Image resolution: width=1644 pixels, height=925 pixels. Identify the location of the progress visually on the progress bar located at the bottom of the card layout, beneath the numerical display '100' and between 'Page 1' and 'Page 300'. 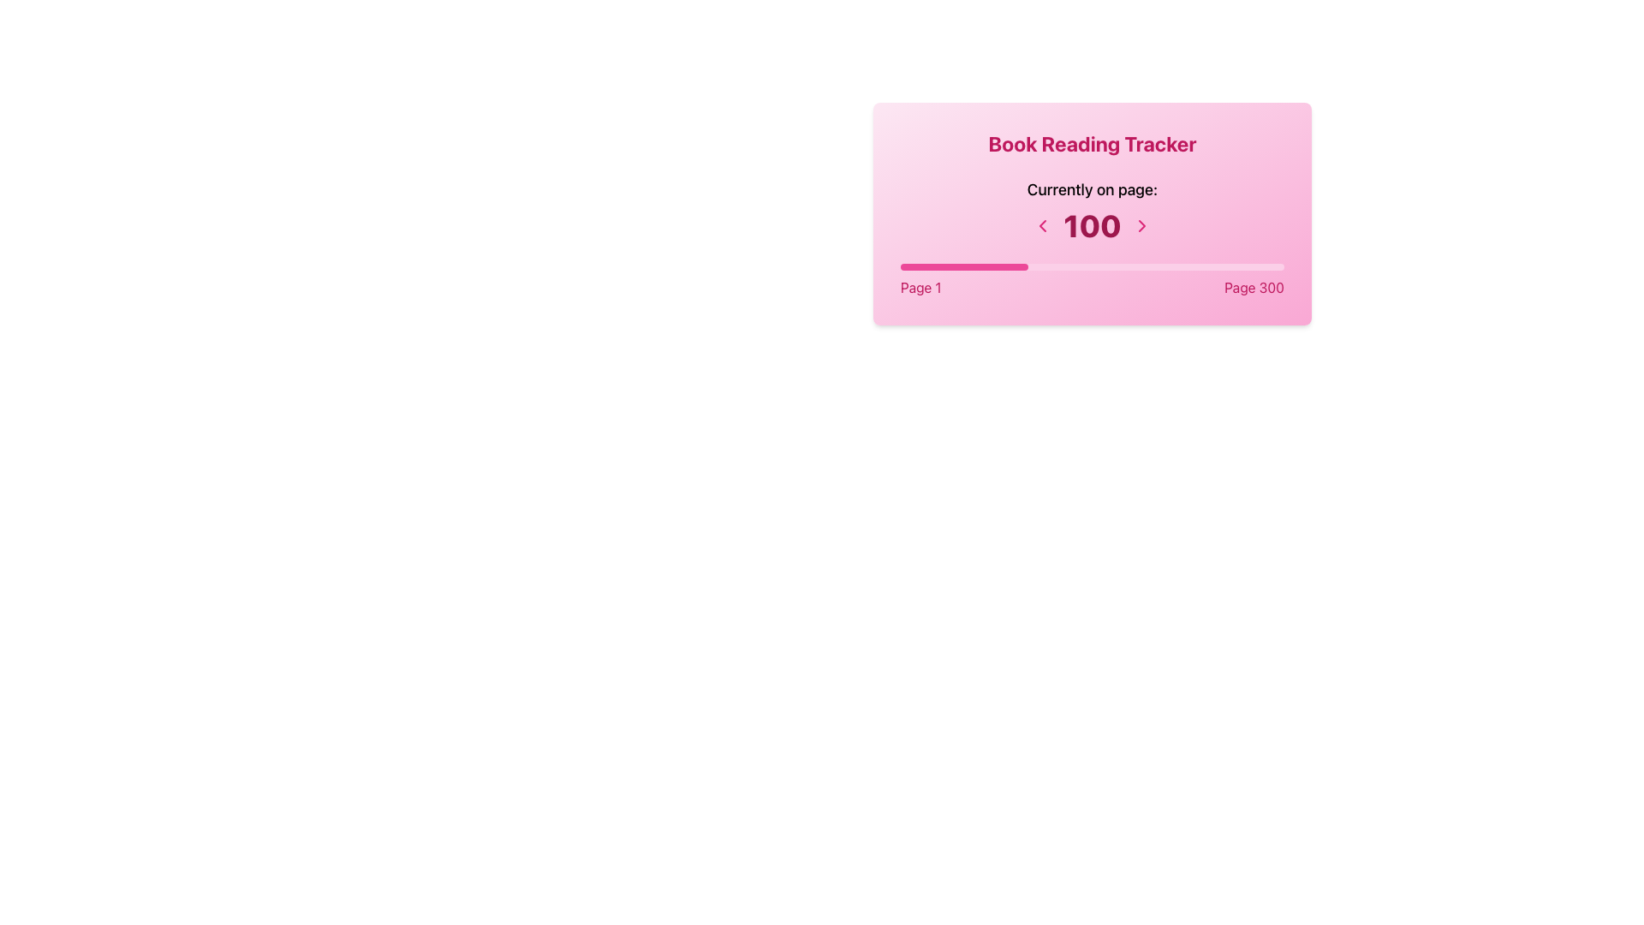
(964, 267).